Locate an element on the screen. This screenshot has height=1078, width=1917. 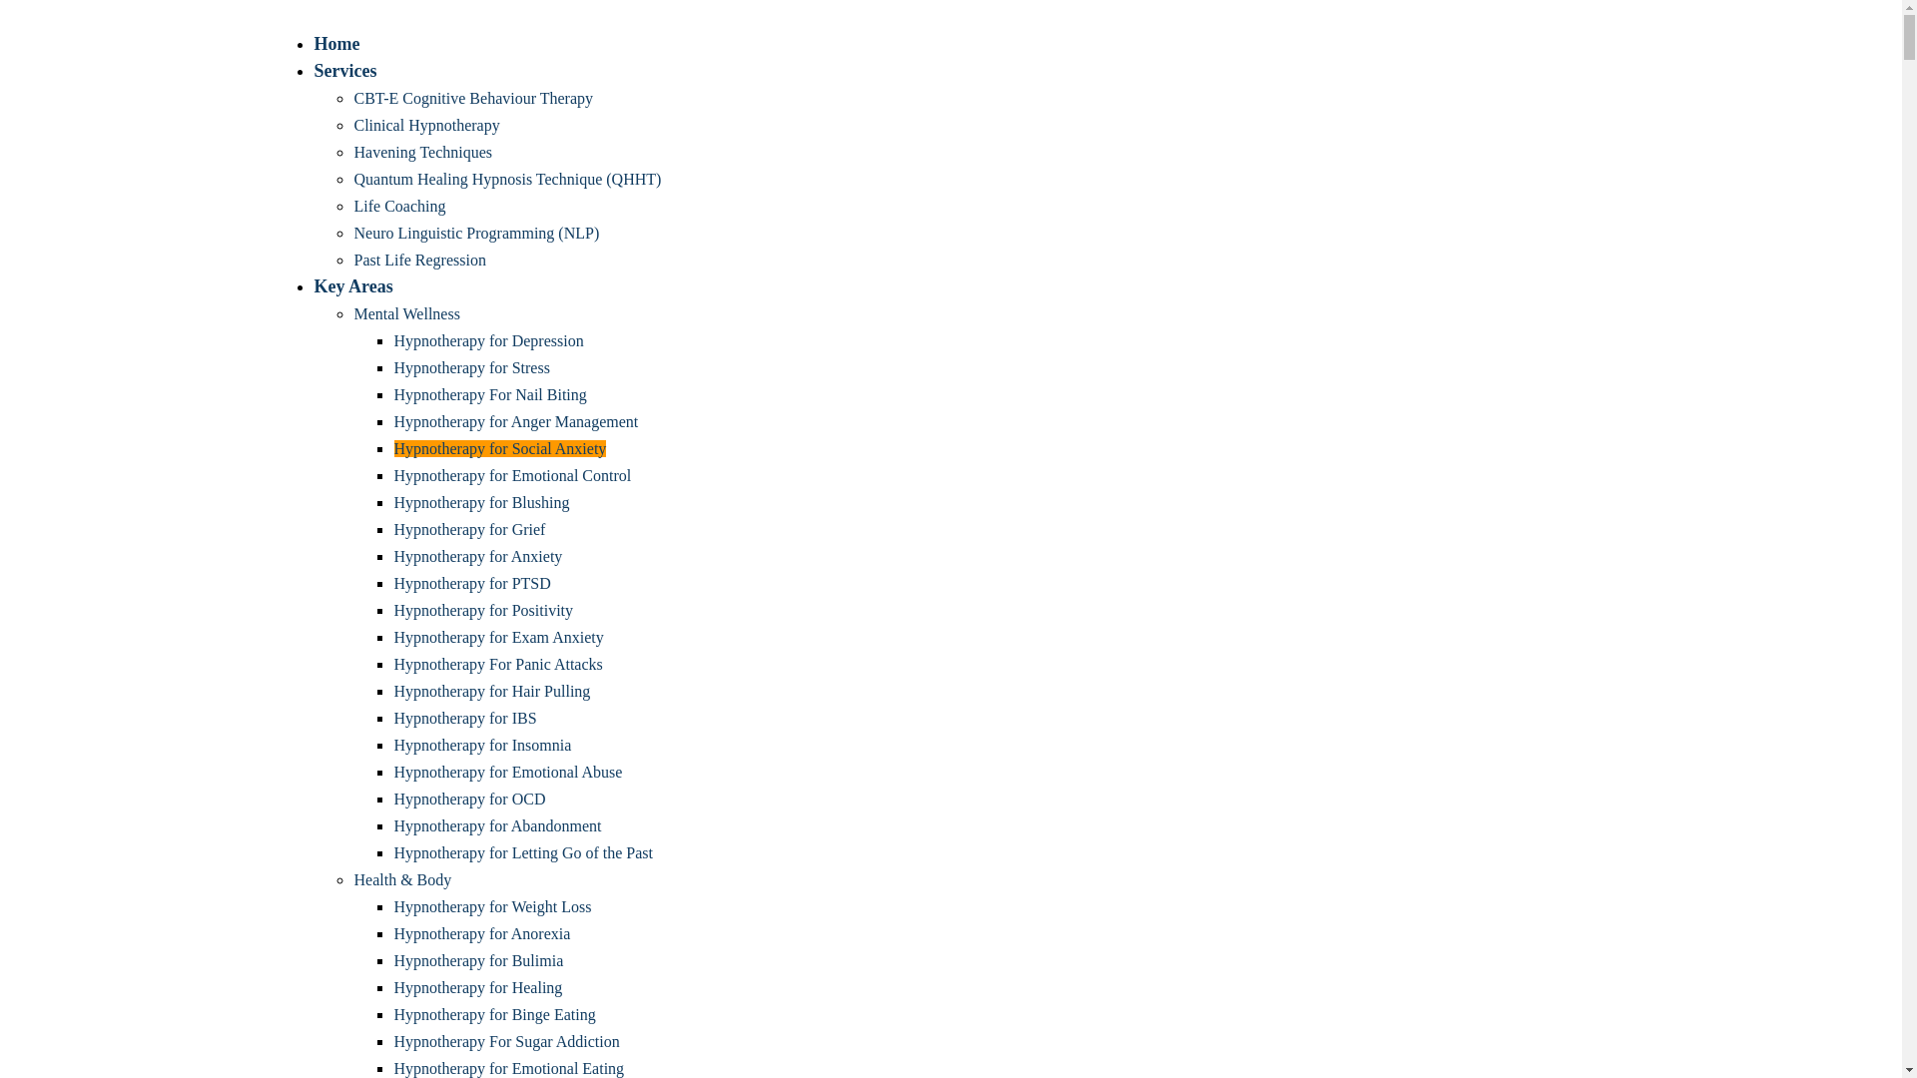
'Hypnotherapy for Anger Management' is located at coordinates (392, 420).